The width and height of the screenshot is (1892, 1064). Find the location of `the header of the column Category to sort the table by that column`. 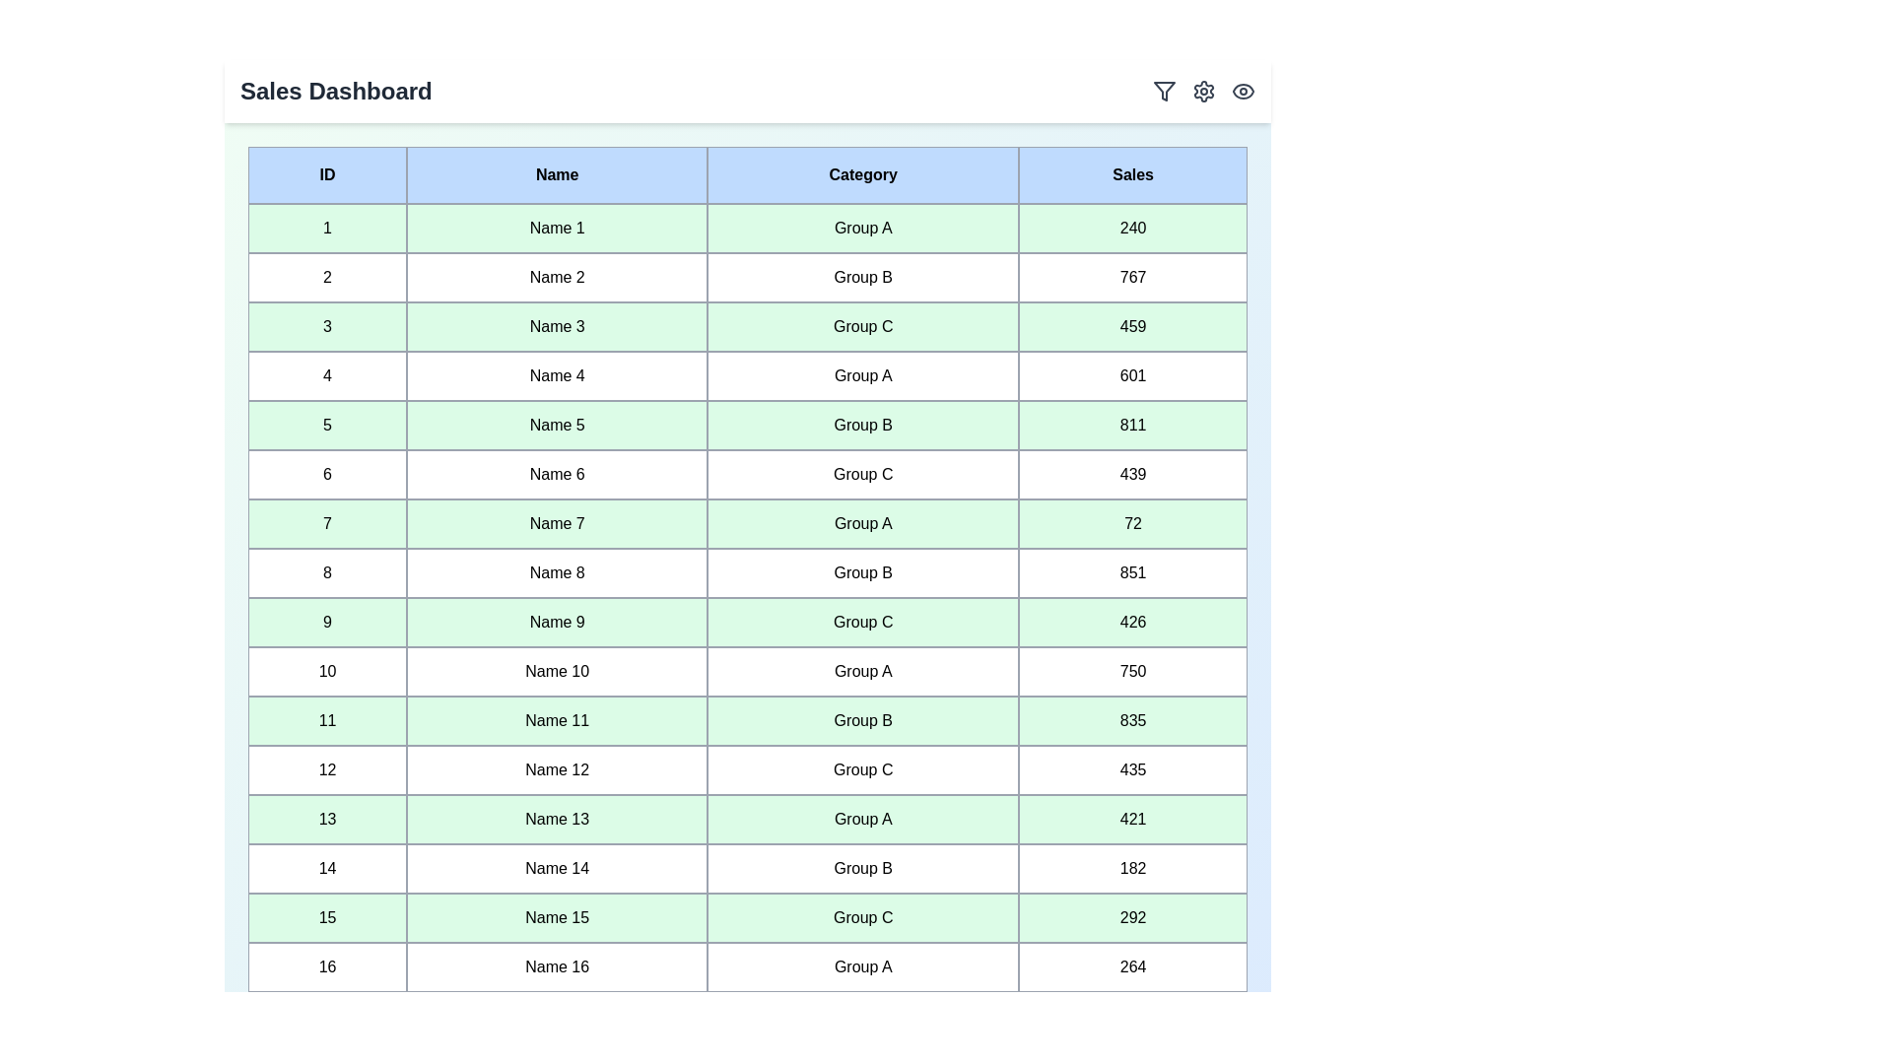

the header of the column Category to sort the table by that column is located at coordinates (862, 173).